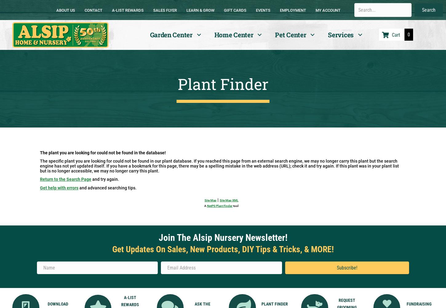 This screenshot has width=446, height=308. Describe the element at coordinates (222, 84) in the screenshot. I see `'Plant Finder'` at that location.